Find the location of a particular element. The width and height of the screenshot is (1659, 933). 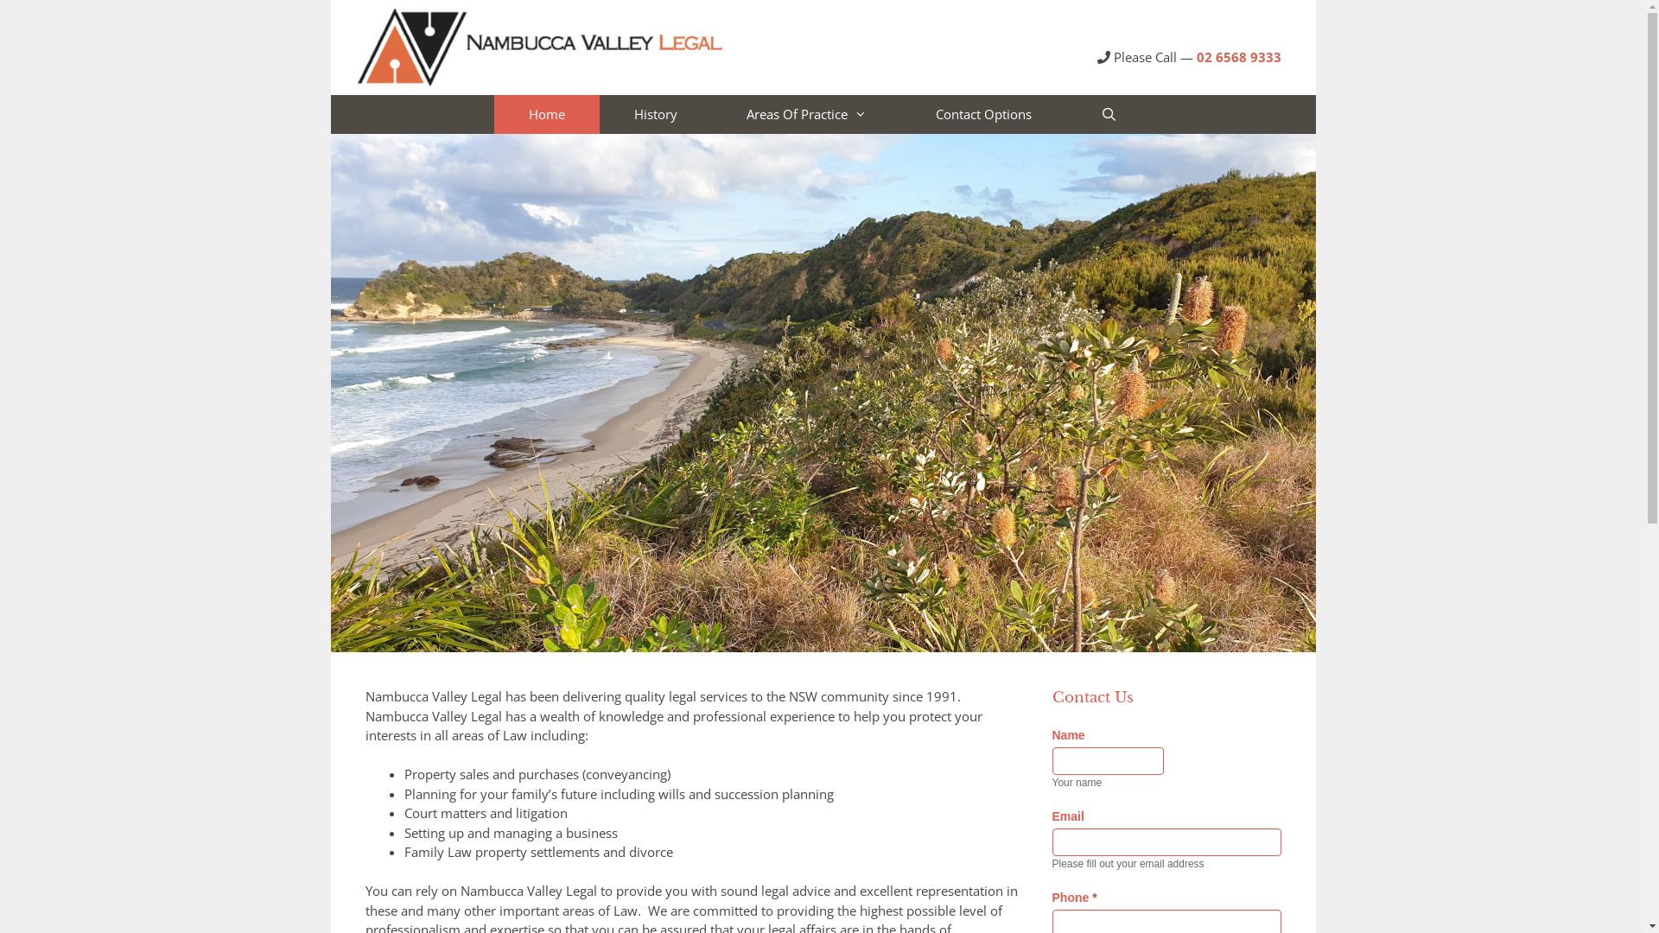

'02 6568 9333' is located at coordinates (1237, 55).